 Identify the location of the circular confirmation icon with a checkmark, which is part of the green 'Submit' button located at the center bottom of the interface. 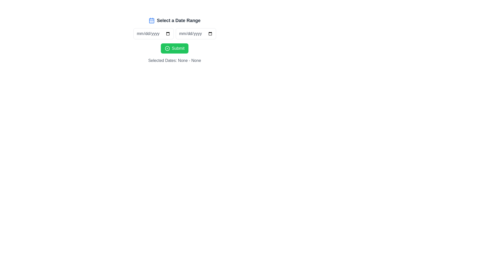
(167, 48).